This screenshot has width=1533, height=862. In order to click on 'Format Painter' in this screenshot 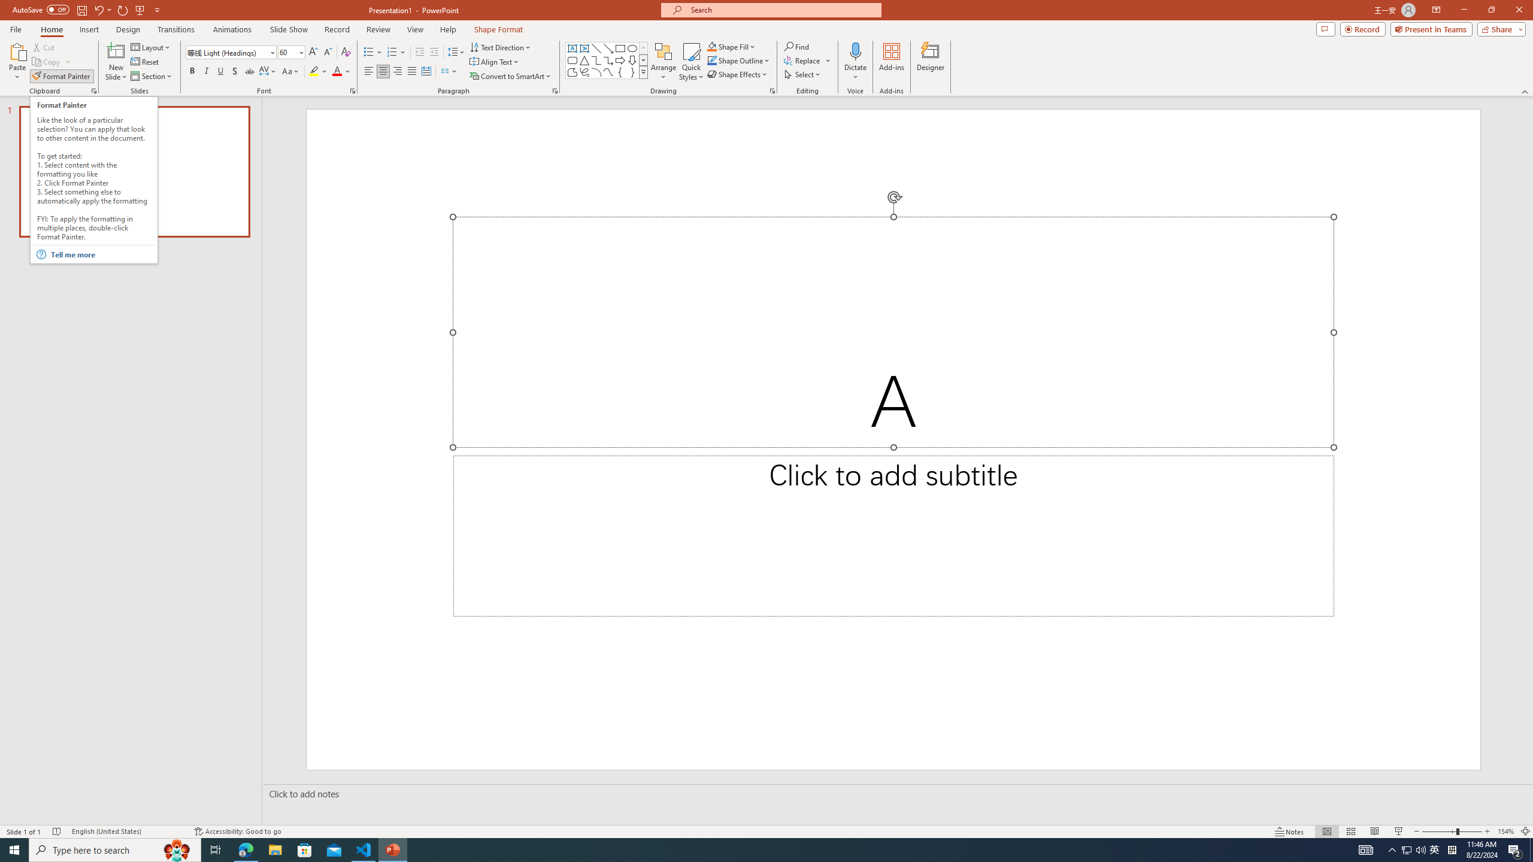, I will do `click(61, 76)`.